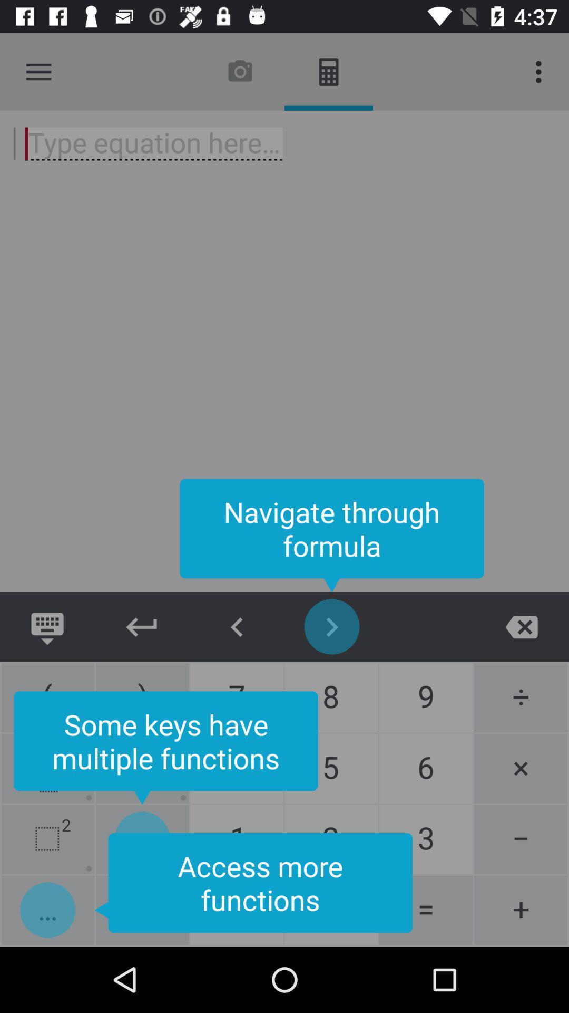 The image size is (569, 1013). What do you see at coordinates (522, 627) in the screenshot?
I see `item below the navigate through formula` at bounding box center [522, 627].